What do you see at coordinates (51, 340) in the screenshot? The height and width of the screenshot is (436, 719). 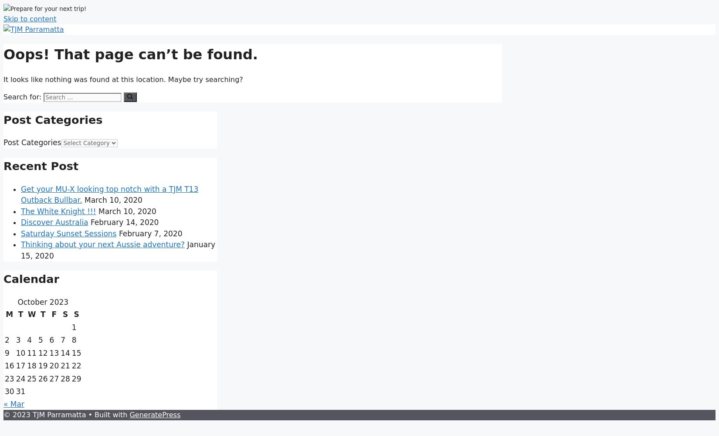 I see `'6'` at bounding box center [51, 340].